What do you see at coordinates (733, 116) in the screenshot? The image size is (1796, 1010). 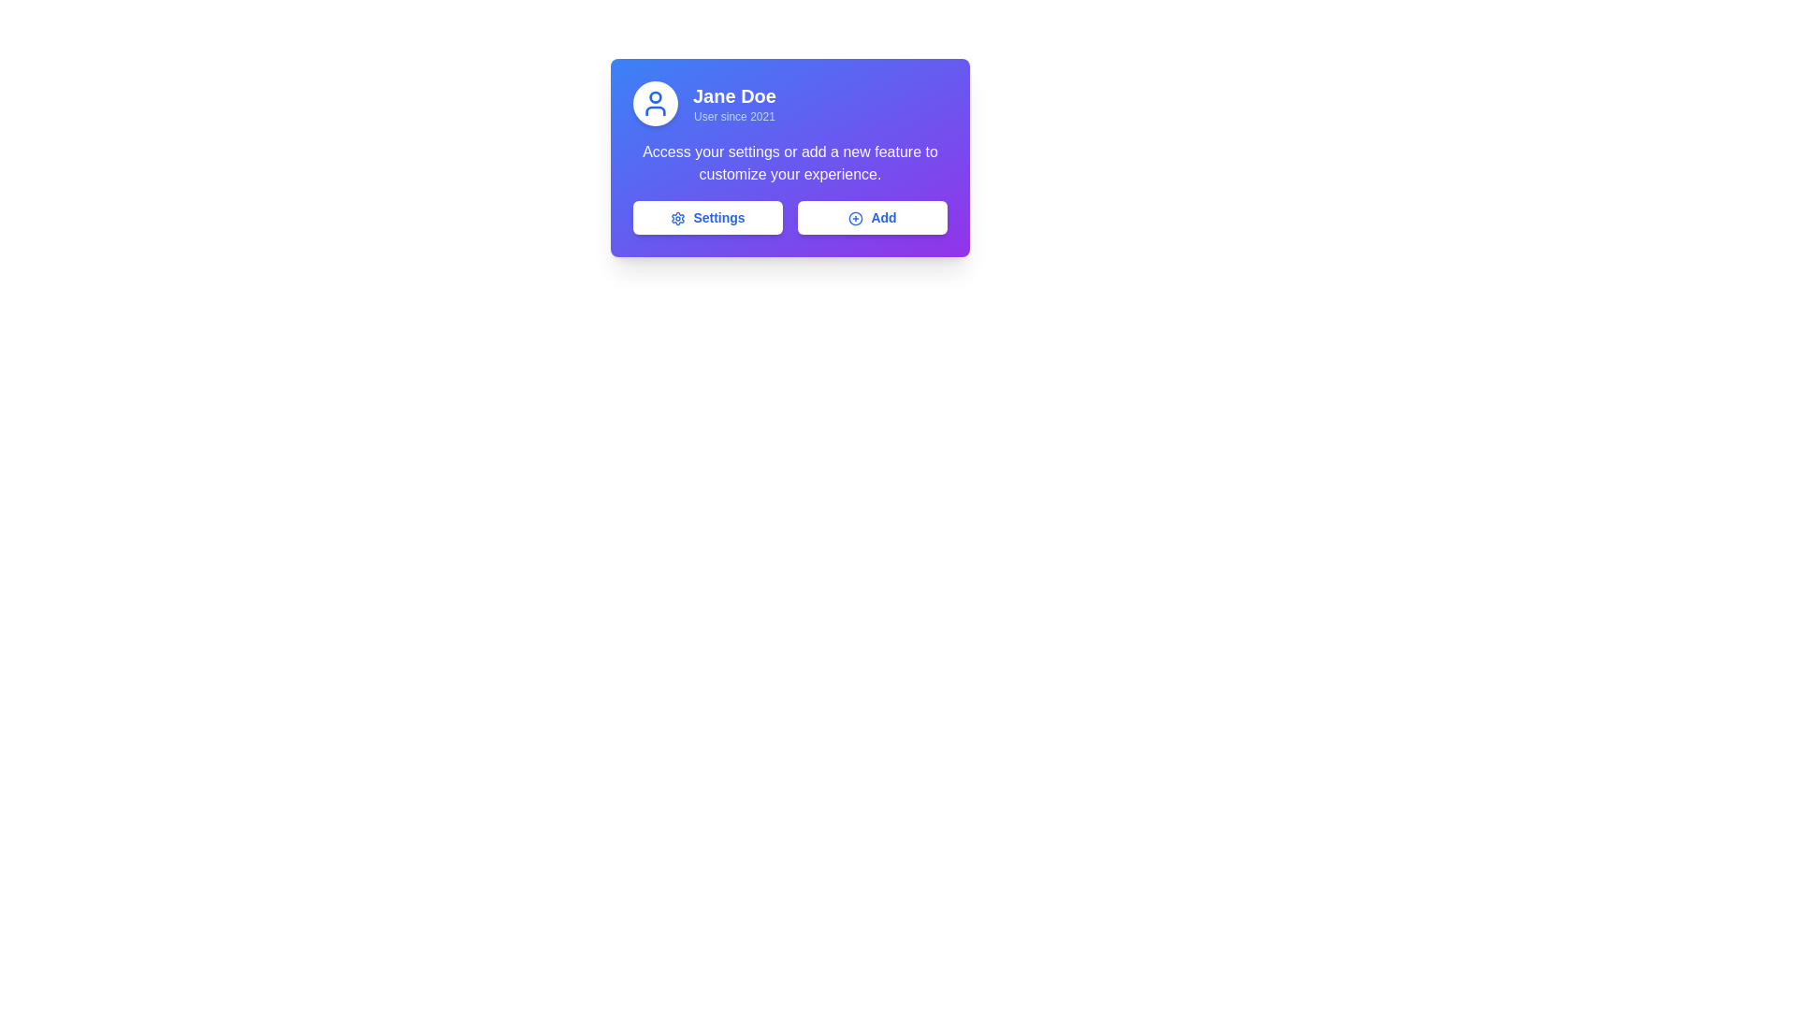 I see `the text label displaying 'User since 2021' in blue font color, located below 'Jane Doe' within the card with a gradient background` at bounding box center [733, 116].